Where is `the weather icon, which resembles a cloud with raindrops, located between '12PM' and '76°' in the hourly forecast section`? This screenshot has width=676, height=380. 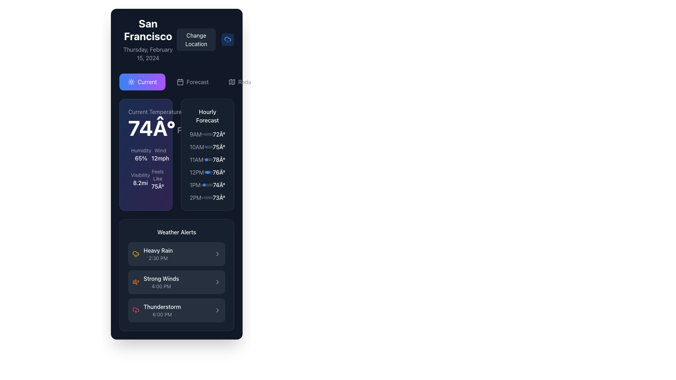 the weather icon, which resembles a cloud with raindrops, located between '12PM' and '76°' in the hourly forecast section is located at coordinates (204, 172).